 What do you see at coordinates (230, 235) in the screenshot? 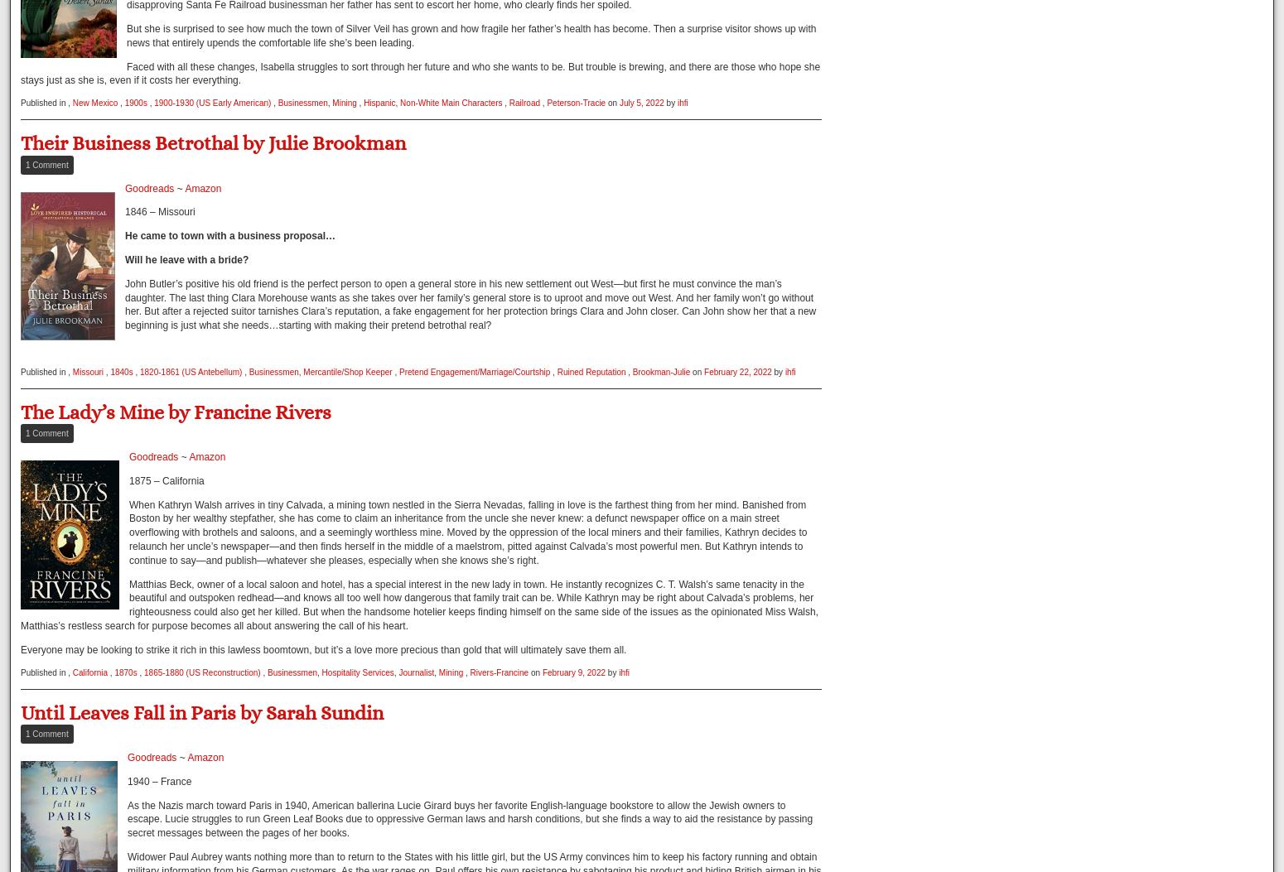
I see `'He came to town with a business proposal…'` at bounding box center [230, 235].